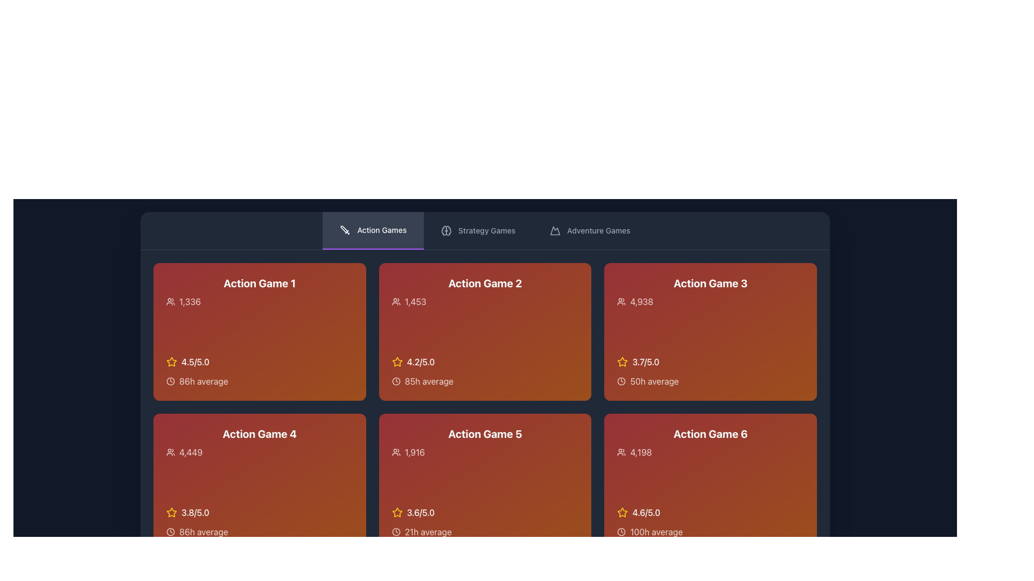 The width and height of the screenshot is (1034, 581). Describe the element at coordinates (170, 301) in the screenshot. I see `the user information icon located in the top-left corner of the first game card, next to the numeric label '1,336'` at that location.